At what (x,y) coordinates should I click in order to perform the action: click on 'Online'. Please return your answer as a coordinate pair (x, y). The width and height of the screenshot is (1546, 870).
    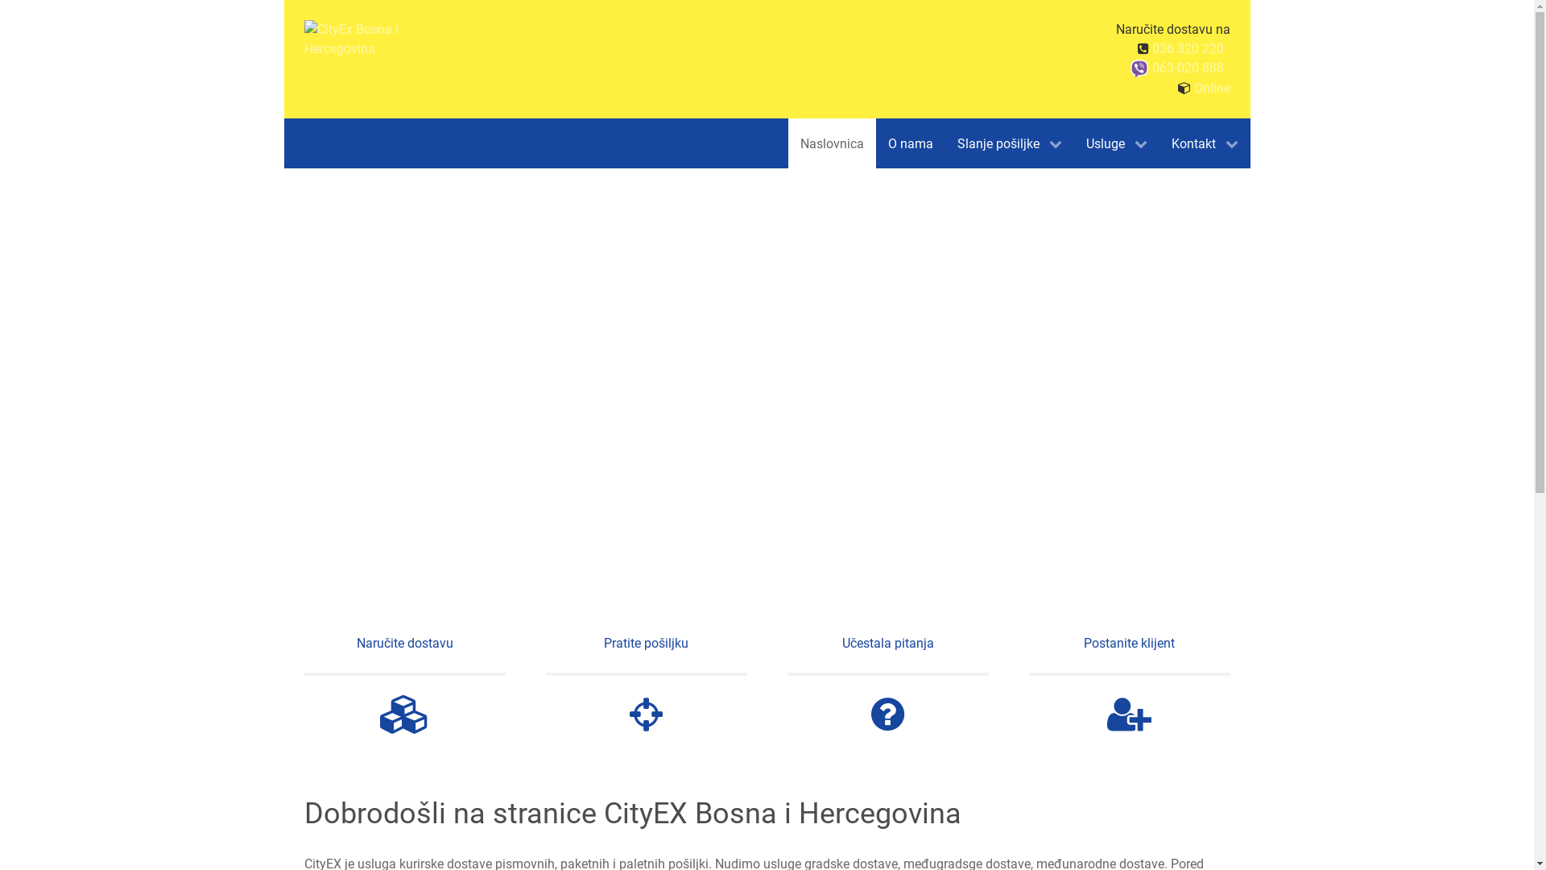
    Looking at the image, I should click on (1211, 88).